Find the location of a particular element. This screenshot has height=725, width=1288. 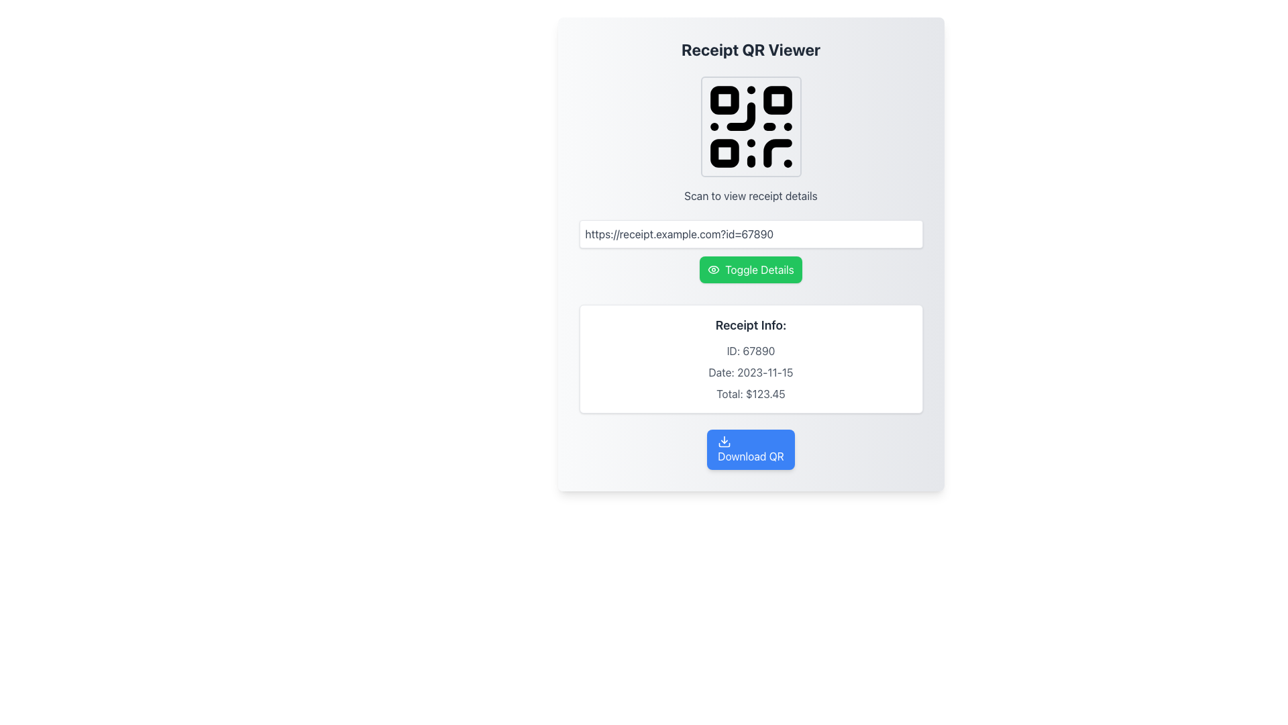

the informational panel that displays receipt information, located above the blue 'Download QR' button is located at coordinates (750, 358).